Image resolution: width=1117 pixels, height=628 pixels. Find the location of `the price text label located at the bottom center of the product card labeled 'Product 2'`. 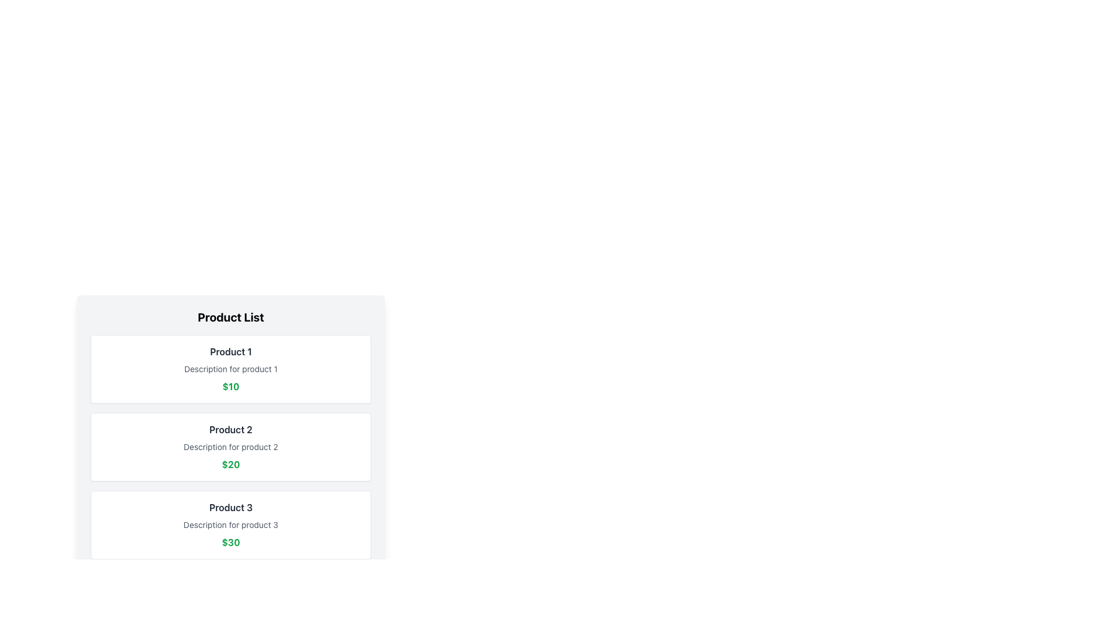

the price text label located at the bottom center of the product card labeled 'Product 2' is located at coordinates (231, 463).